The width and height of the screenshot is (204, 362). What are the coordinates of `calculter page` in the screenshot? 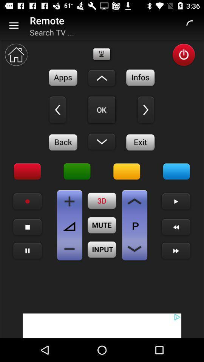 It's located at (70, 201).